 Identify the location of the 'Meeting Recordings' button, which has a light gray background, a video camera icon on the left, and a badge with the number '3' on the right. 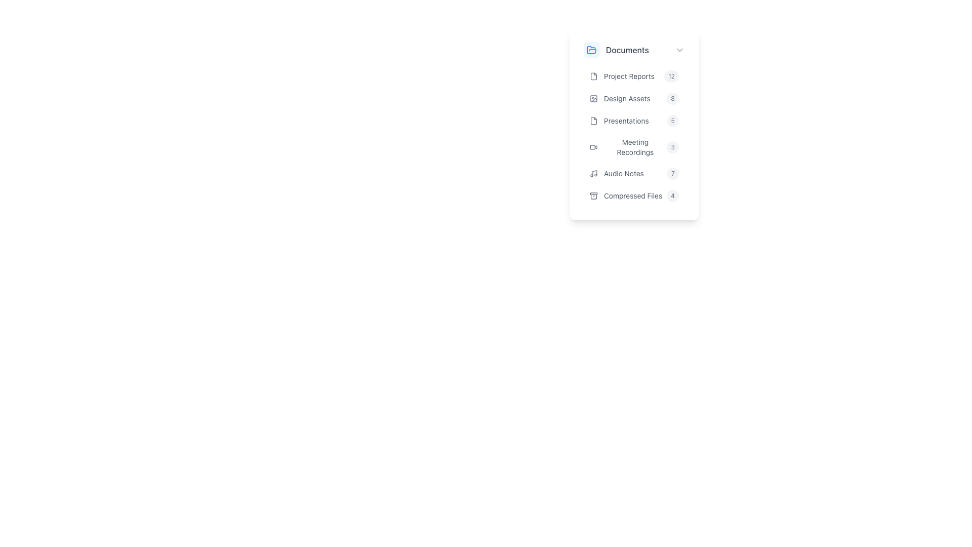
(633, 147).